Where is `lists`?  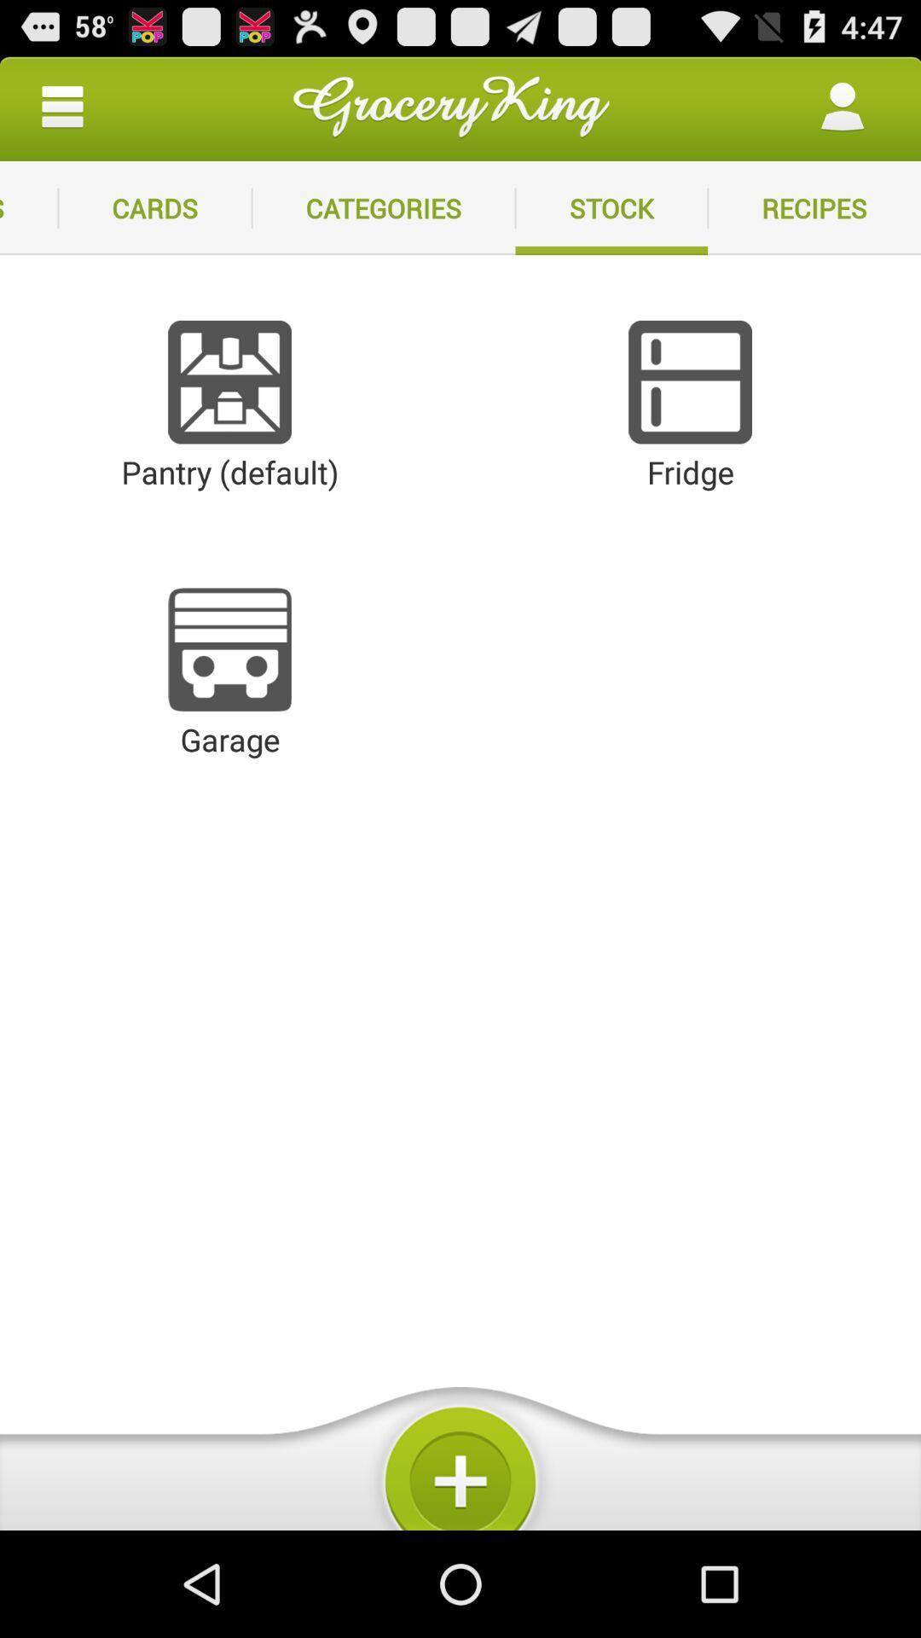 lists is located at coordinates (29, 207).